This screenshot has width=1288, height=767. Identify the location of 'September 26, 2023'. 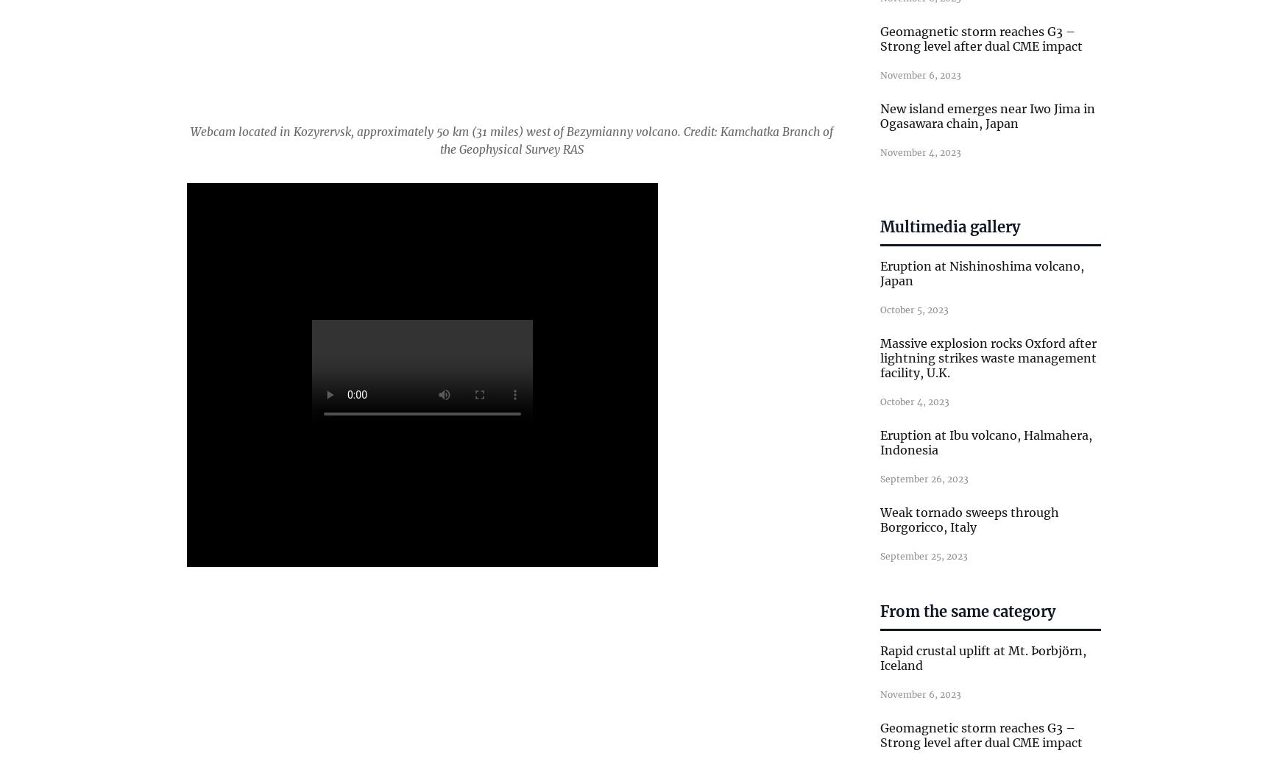
(923, 477).